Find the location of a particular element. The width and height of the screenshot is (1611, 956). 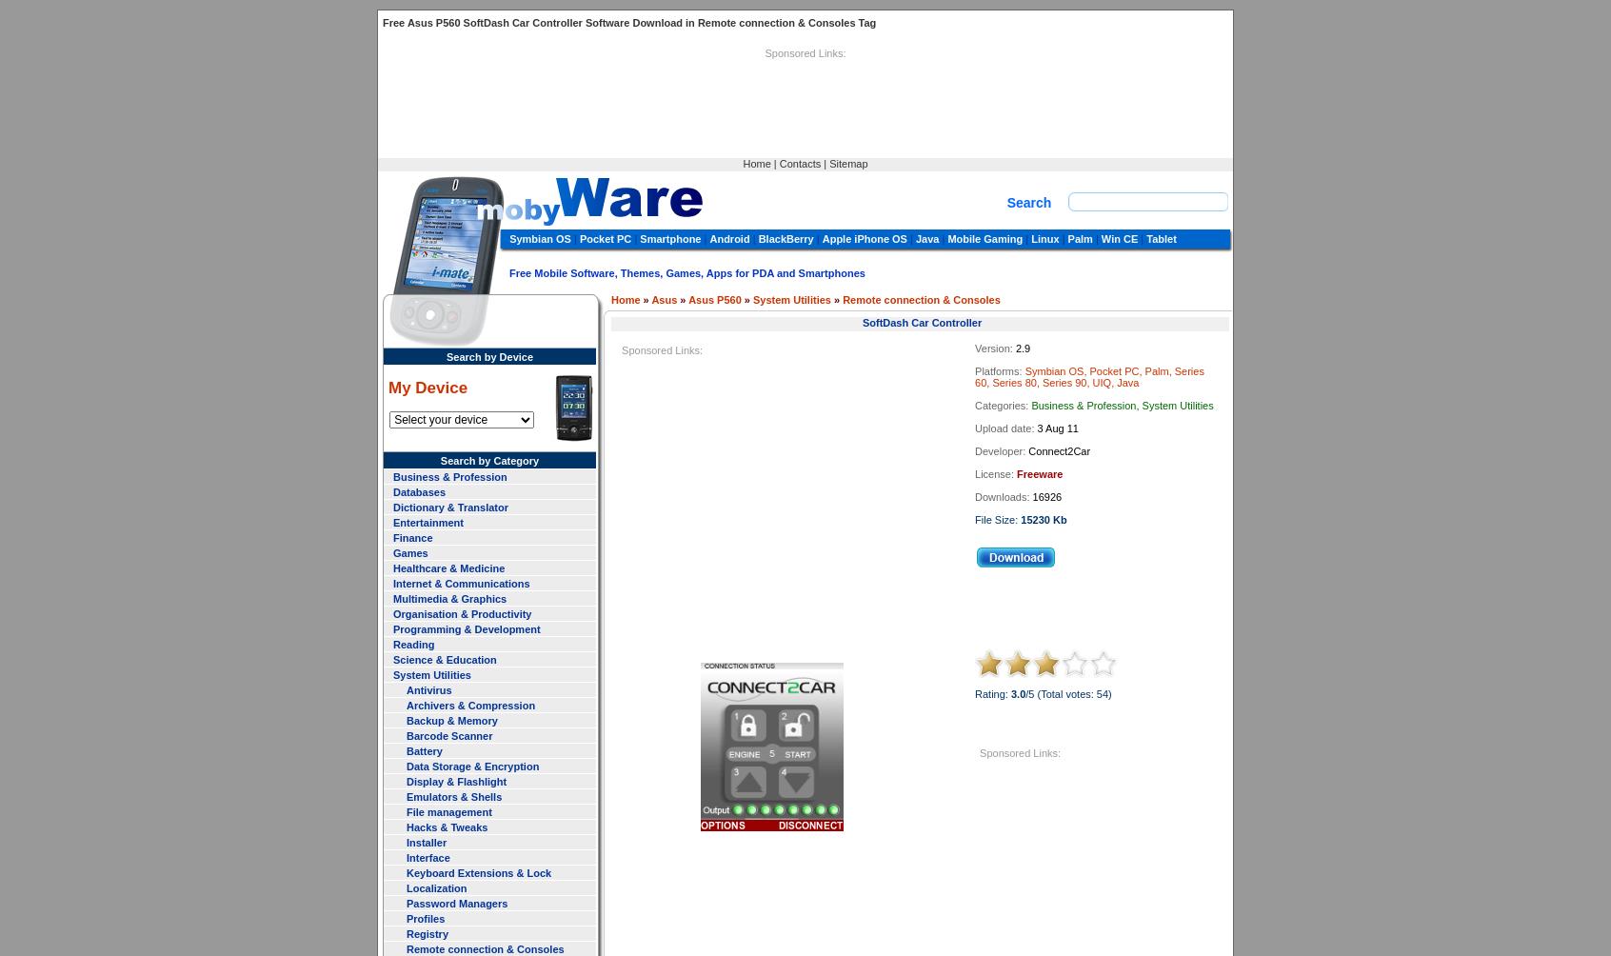

'Internet & Communications' is located at coordinates (393, 583).